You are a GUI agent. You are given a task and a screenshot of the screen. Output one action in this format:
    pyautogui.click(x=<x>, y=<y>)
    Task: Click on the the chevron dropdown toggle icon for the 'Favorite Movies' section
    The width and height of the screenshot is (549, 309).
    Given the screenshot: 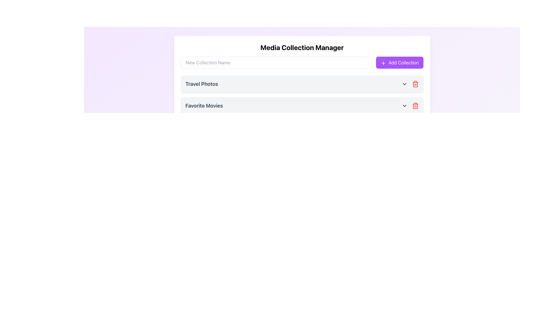 What is the action you would take?
    pyautogui.click(x=404, y=106)
    